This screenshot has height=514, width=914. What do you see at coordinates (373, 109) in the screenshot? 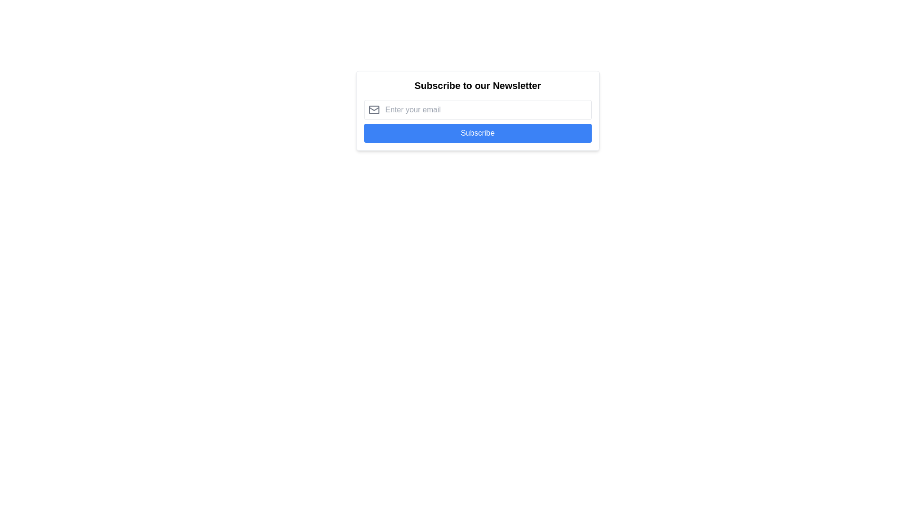
I see `the email icon located to the left of the 'Enter your email' input field within the rounded rectangle area of the email input form` at bounding box center [373, 109].